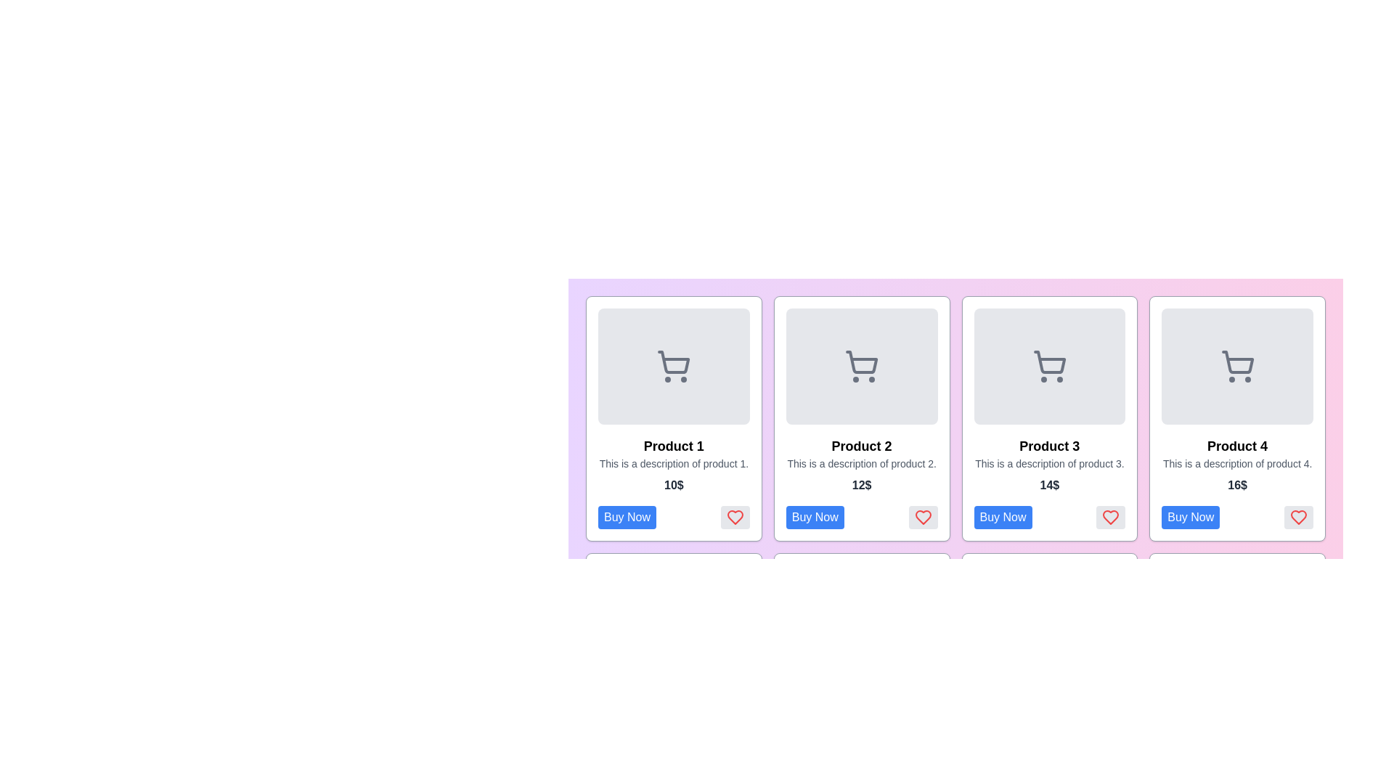 The width and height of the screenshot is (1394, 784). Describe the element at coordinates (1049, 366) in the screenshot. I see `the icon representing the addition of a product to the shopping cart, located at the center of the third product card above 'Product 3'` at that location.